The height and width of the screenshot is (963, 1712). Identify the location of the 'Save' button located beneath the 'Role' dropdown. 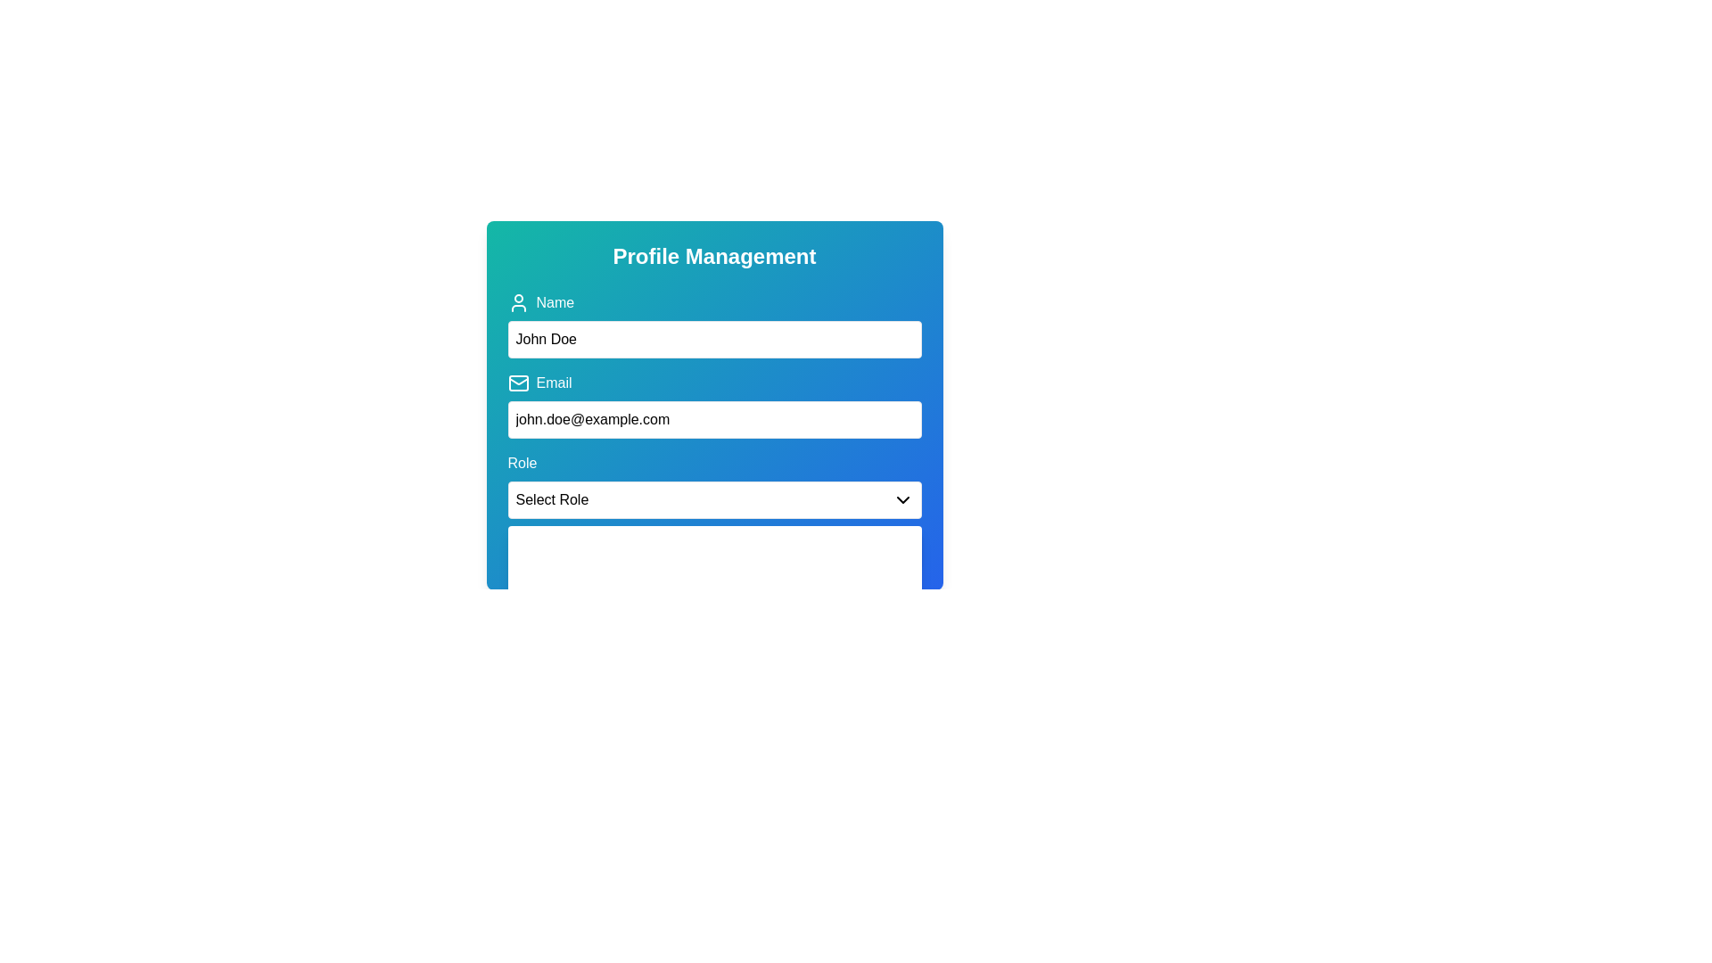
(788, 549).